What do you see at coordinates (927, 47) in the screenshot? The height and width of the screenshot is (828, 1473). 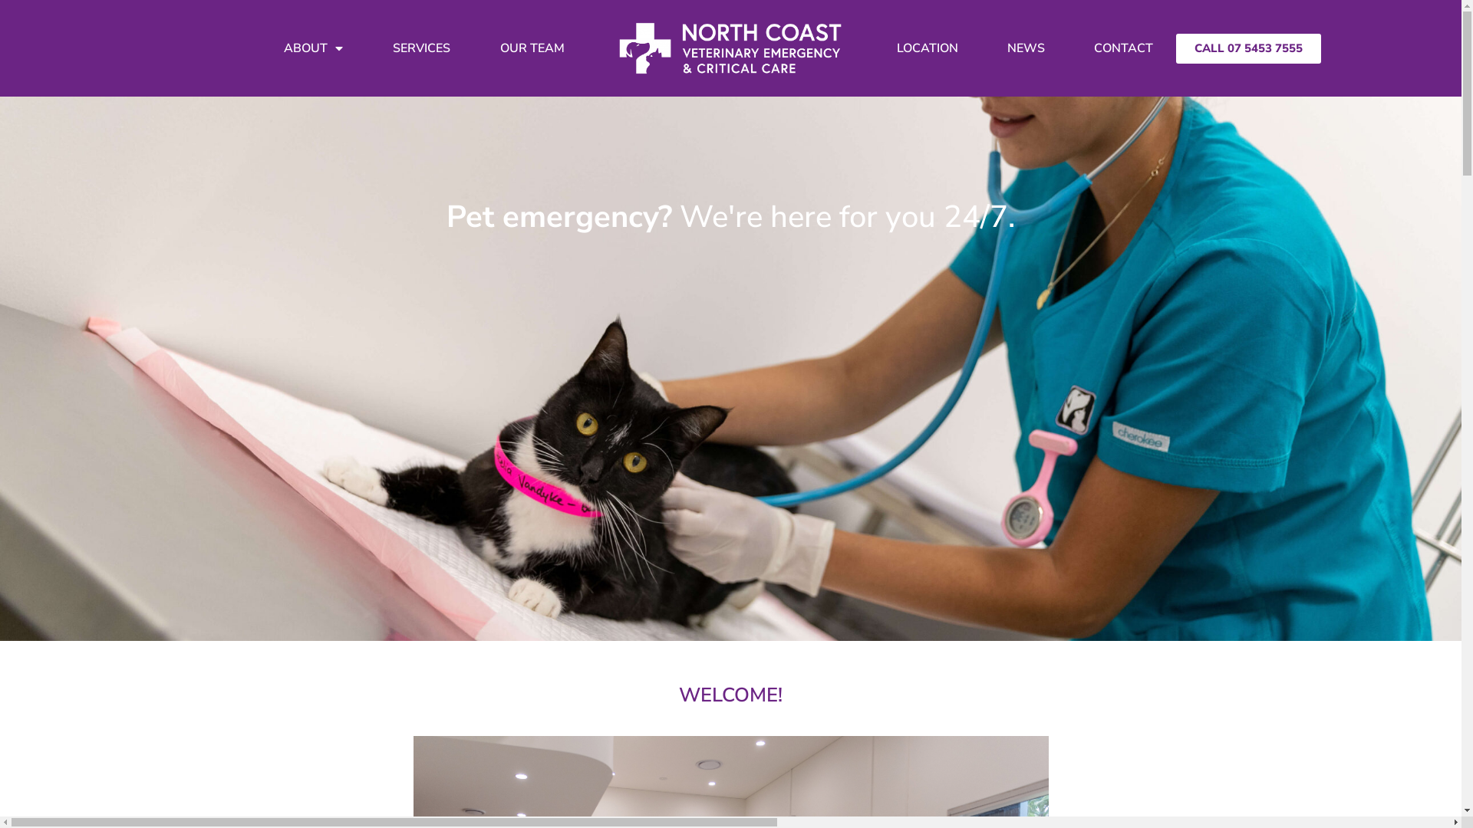 I see `'LOCATION'` at bounding box center [927, 47].